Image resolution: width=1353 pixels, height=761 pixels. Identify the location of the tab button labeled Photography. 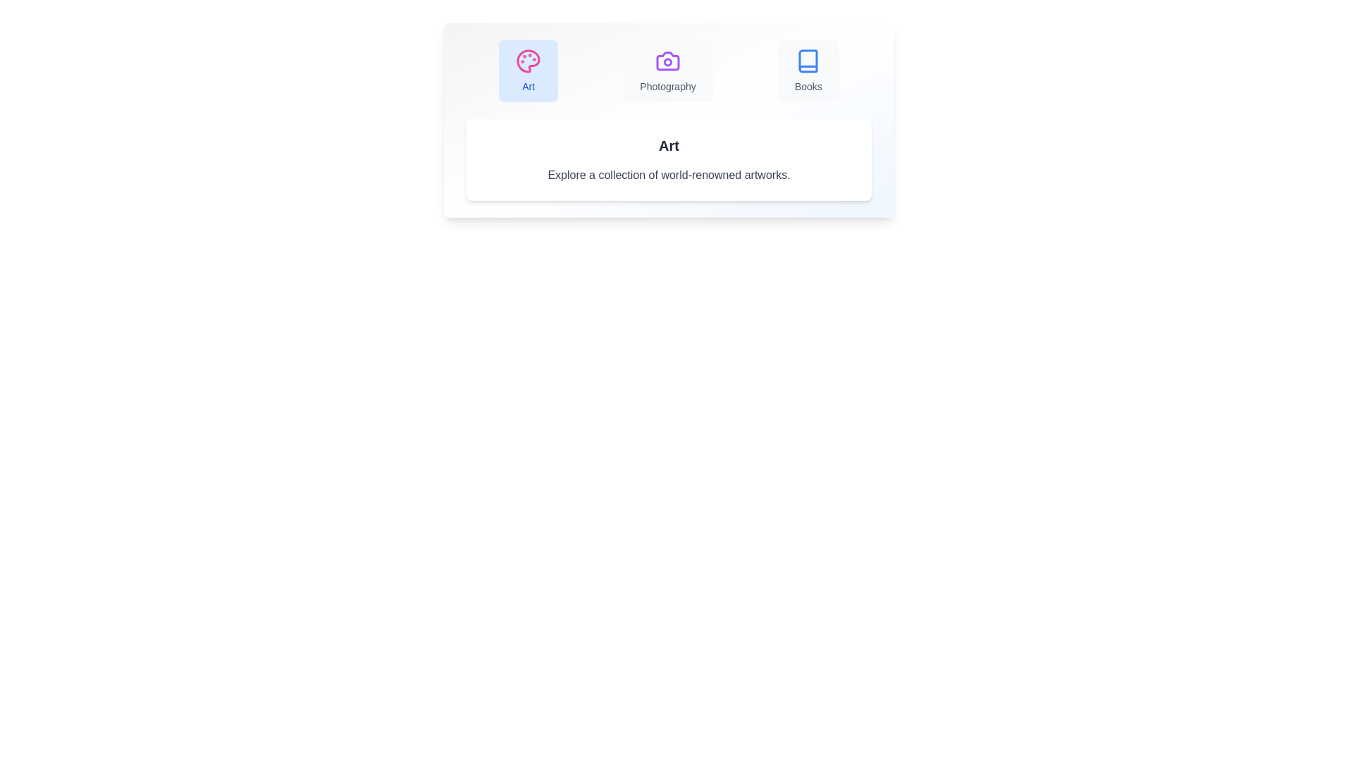
(667, 70).